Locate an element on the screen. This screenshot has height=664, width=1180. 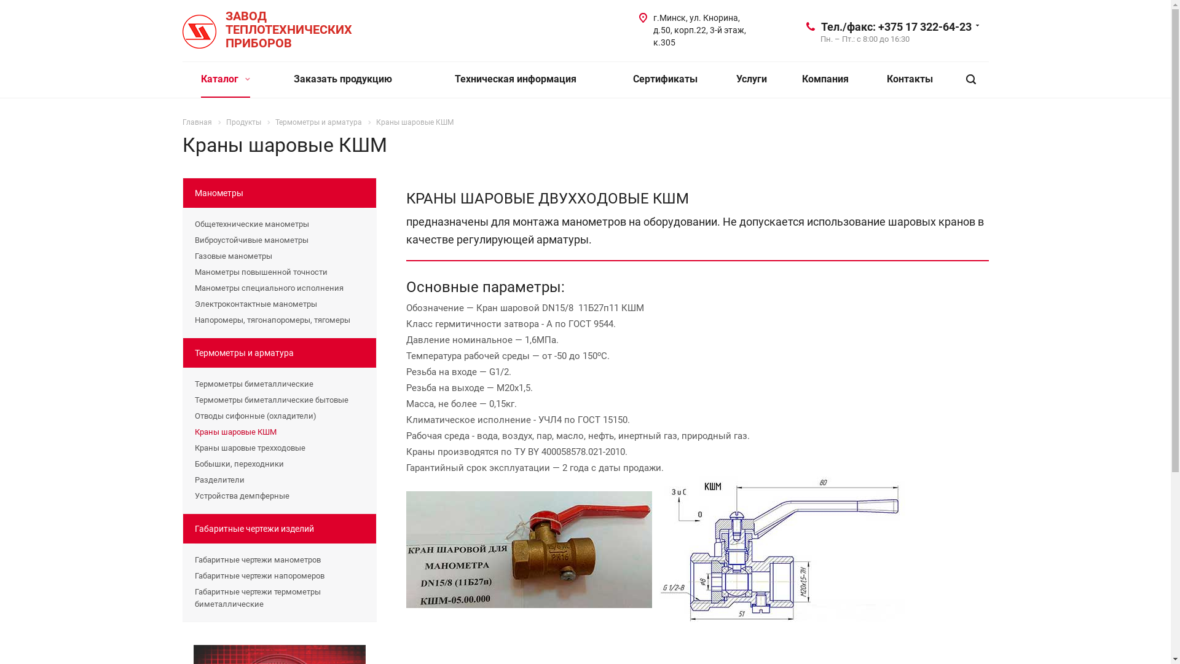
'kshm-2-1.jpg' is located at coordinates (781, 548).